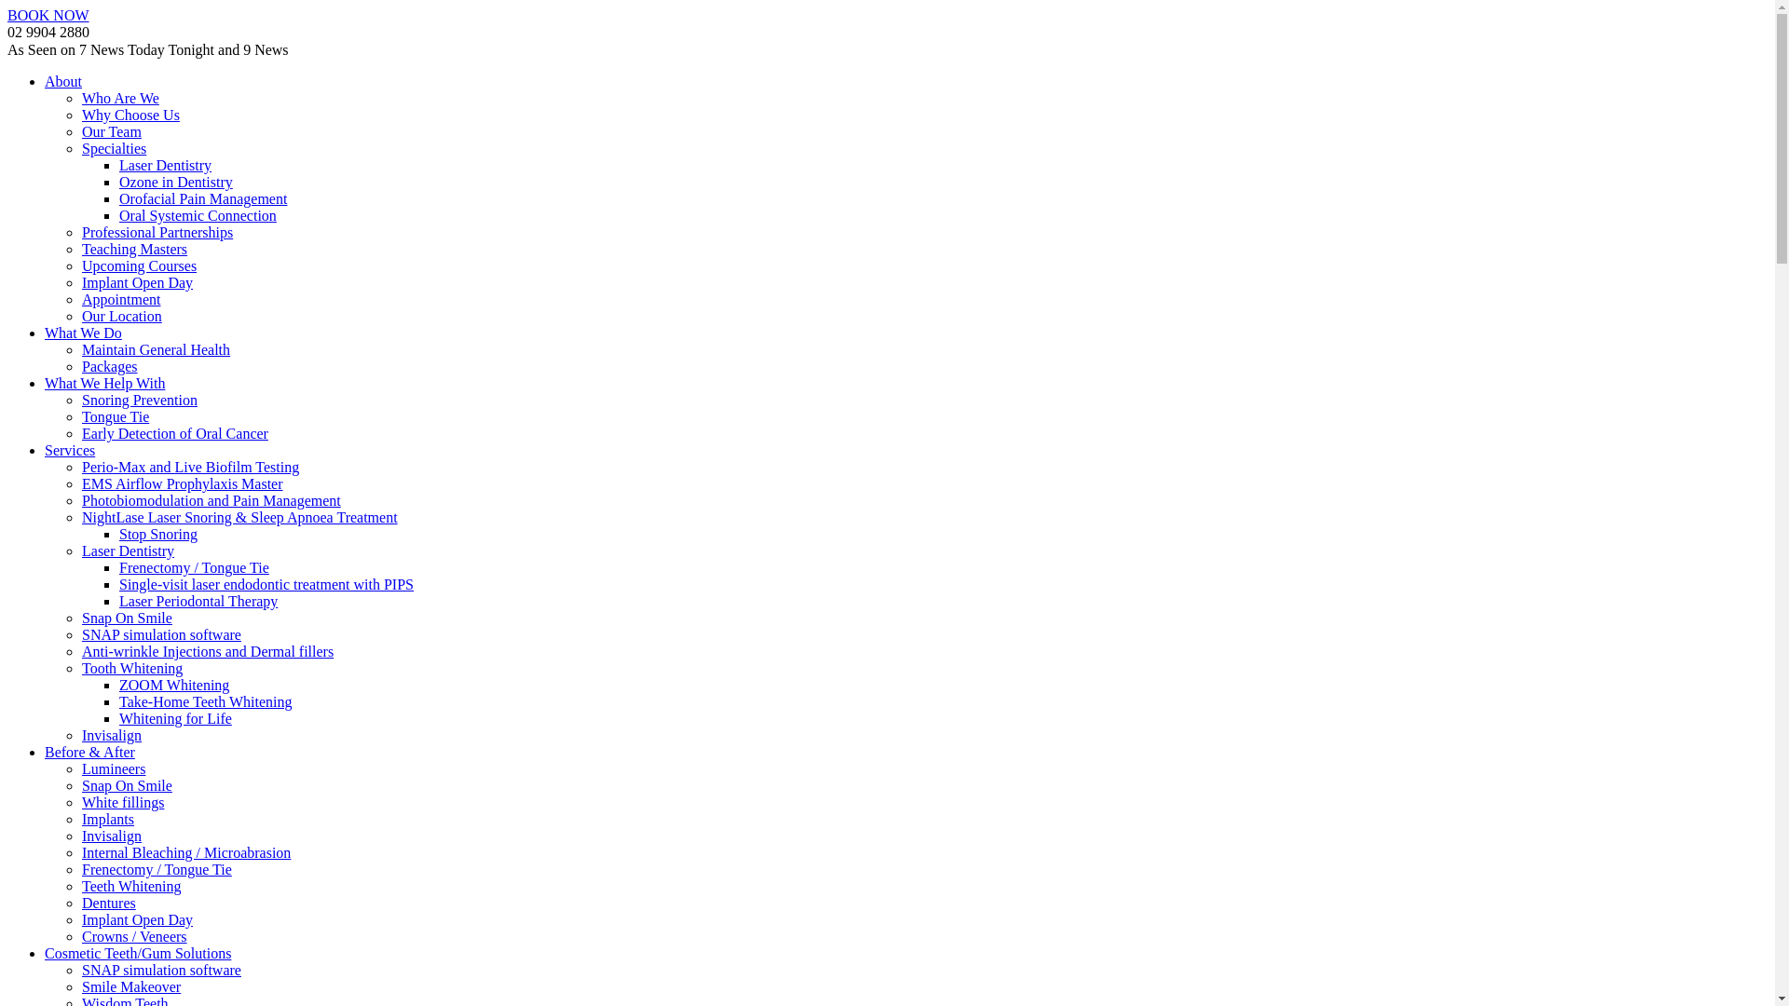 The height and width of the screenshot is (1006, 1789). I want to click on 'Lumineers', so click(112, 768).